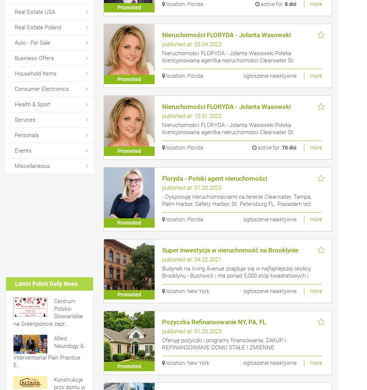 The height and width of the screenshot is (390, 367). Describe the element at coordinates (214, 178) in the screenshot. I see `'Floryda - Polski agent nieruchomości'` at that location.